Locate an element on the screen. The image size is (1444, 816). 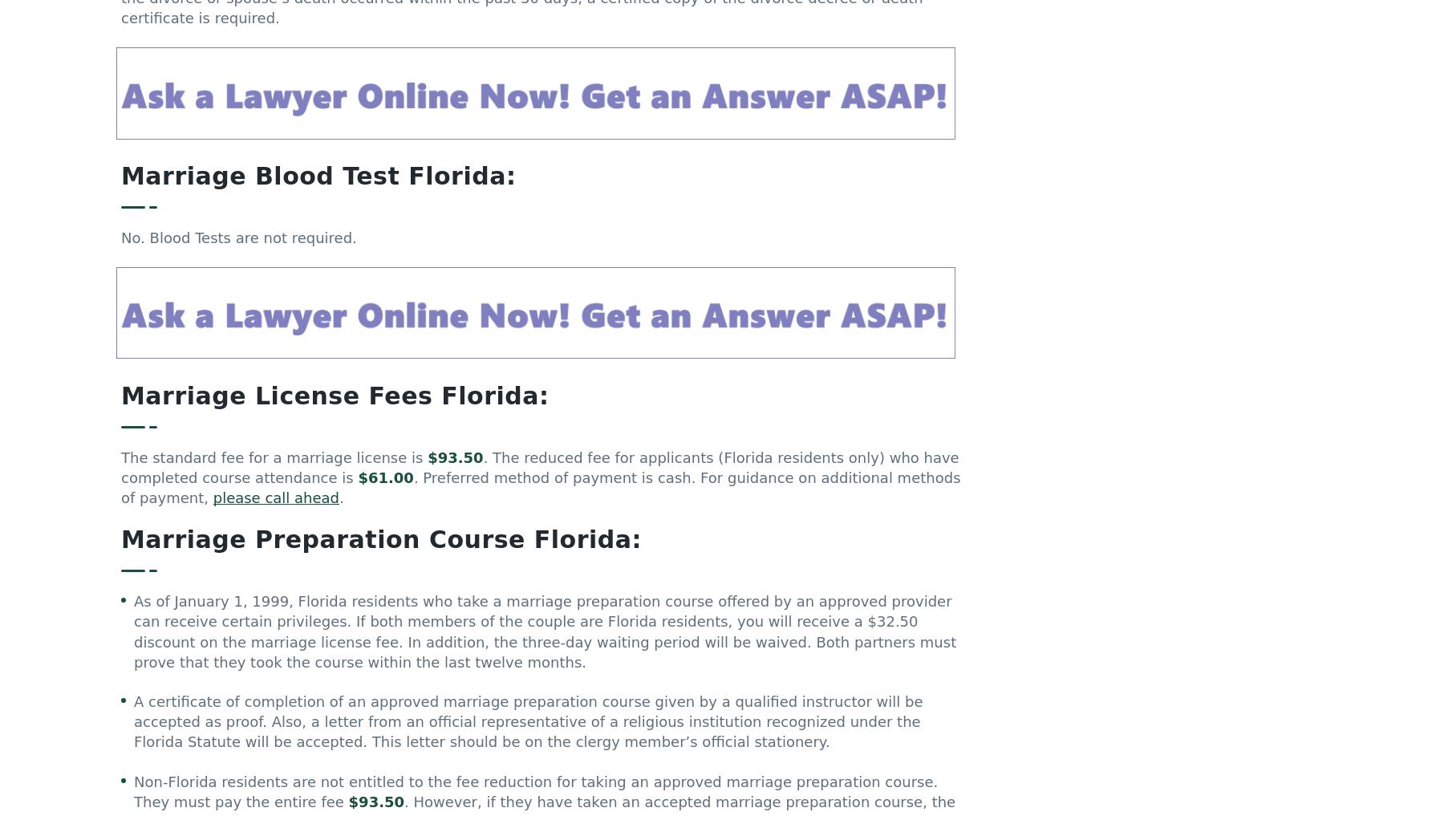
'$61.00' is located at coordinates (384, 484).